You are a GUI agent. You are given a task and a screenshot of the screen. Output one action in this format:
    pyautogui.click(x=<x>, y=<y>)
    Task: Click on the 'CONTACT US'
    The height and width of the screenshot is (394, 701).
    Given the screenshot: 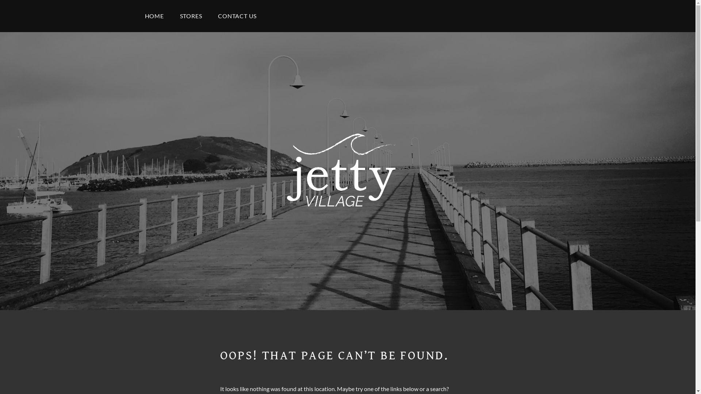 What is the action you would take?
    pyautogui.click(x=210, y=16)
    